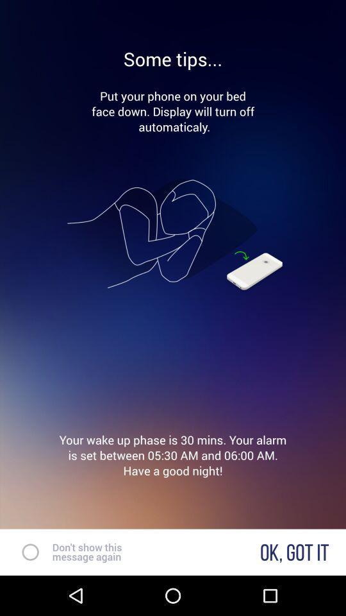 This screenshot has height=616, width=346. I want to click on text next to ok got it at the bottom of the page, so click(86, 552).